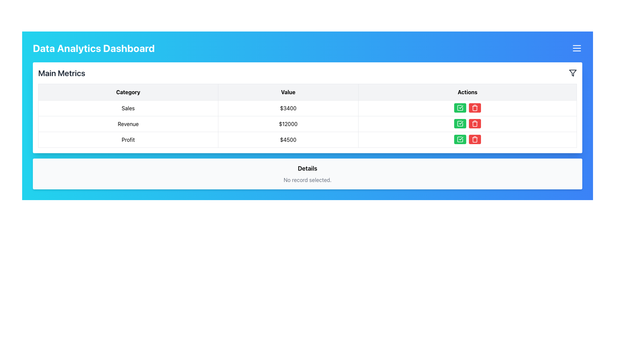 This screenshot has width=644, height=362. I want to click on the 'Sales' text label located in the first row under the 'Category' column of the table, so click(128, 108).